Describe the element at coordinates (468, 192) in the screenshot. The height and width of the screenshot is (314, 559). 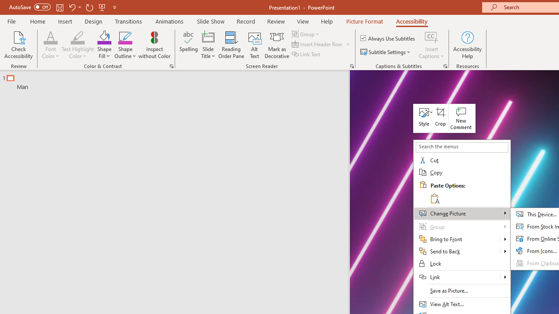
I see `'Paste Options'` at that location.